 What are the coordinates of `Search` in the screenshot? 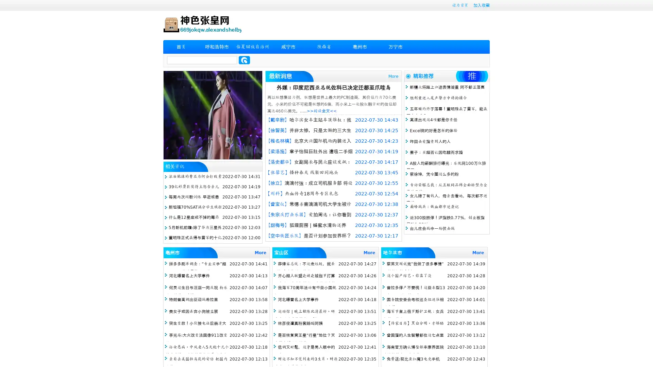 It's located at (244, 60).